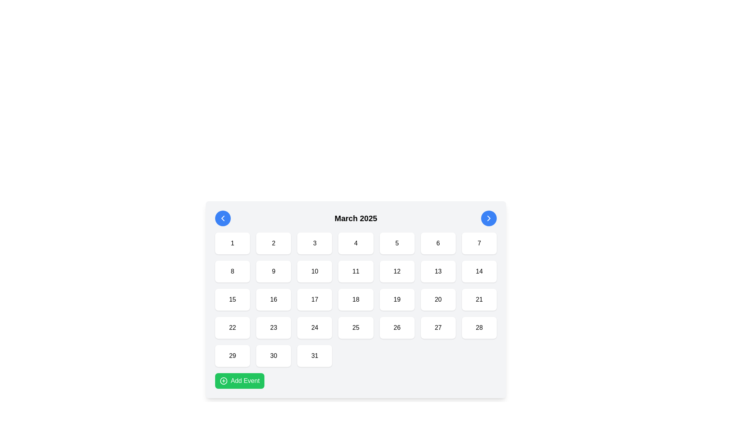 The height and width of the screenshot is (422, 751). I want to click on the white rectangular button with rounded corners displaying the number '29', so click(232, 356).